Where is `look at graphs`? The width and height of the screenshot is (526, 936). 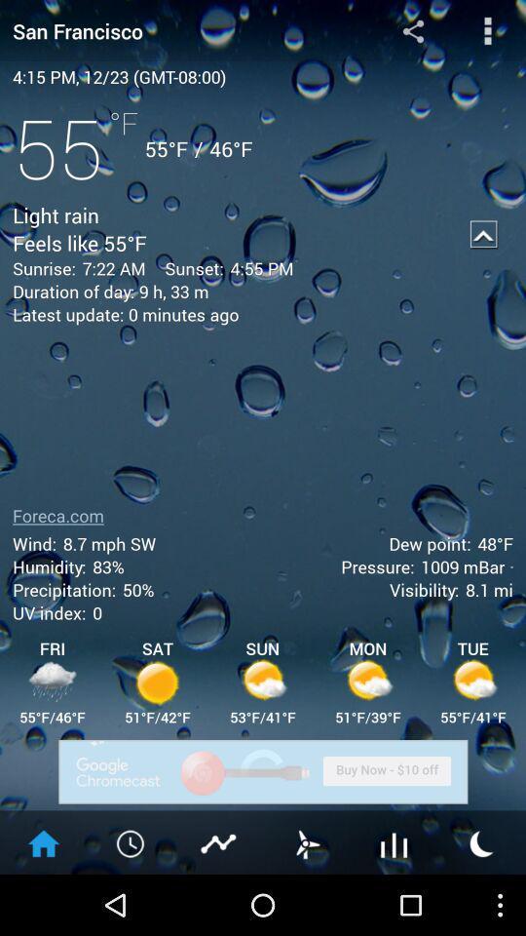
look at graphs is located at coordinates (394, 841).